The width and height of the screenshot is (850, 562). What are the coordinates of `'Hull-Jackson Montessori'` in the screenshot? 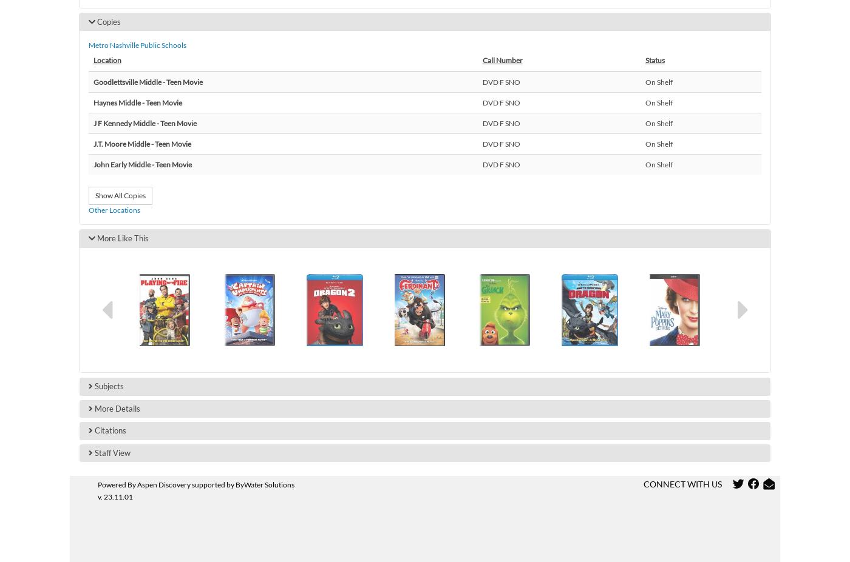 It's located at (171, 370).